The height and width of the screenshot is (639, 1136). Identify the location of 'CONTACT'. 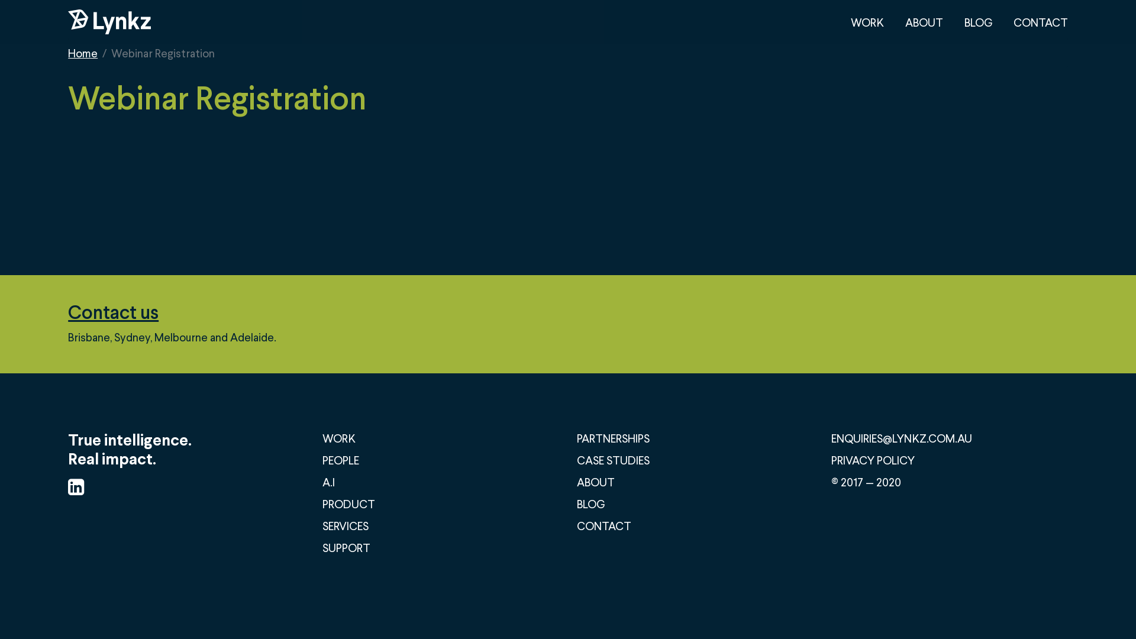
(1040, 22).